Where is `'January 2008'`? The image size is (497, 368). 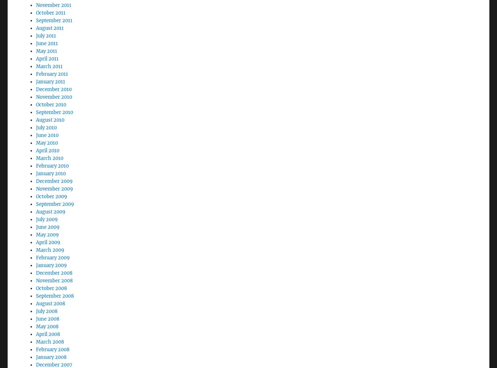
'January 2008' is located at coordinates (36, 337).